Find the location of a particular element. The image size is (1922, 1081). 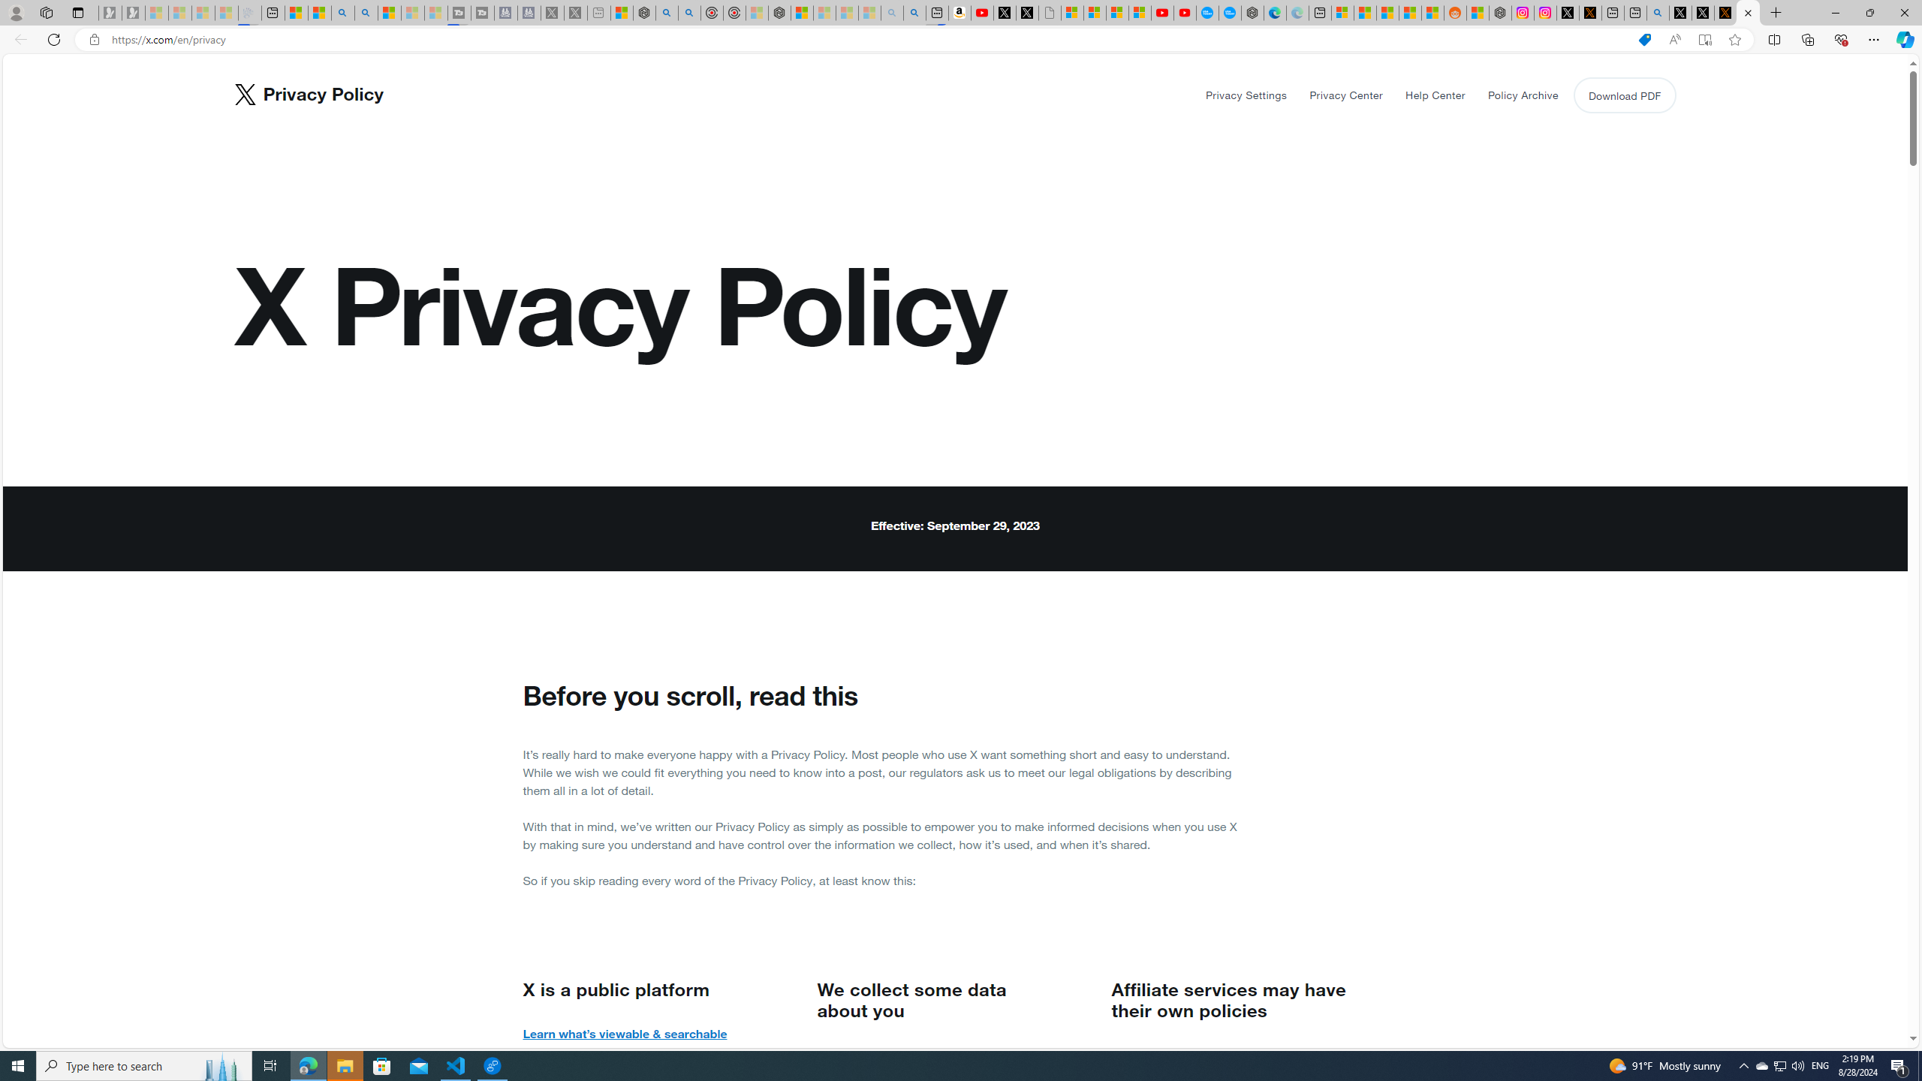

'Read aloud this page (Ctrl+Shift+U)' is located at coordinates (1674, 40).